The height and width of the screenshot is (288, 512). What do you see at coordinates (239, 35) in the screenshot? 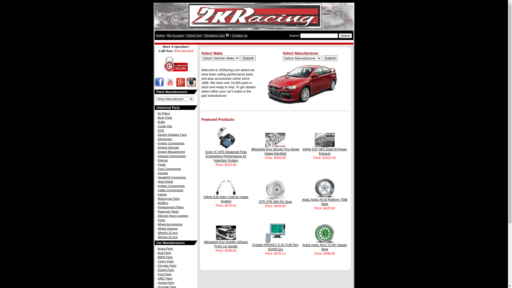
I see `'Contact Us'` at bounding box center [239, 35].